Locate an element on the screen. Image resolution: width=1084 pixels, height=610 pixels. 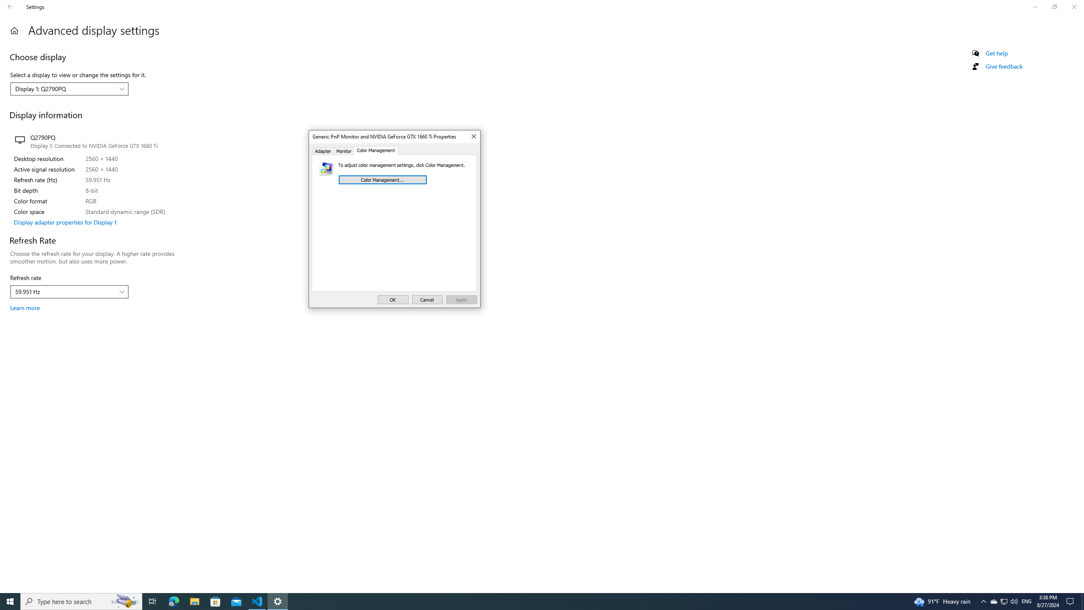
'Tray Input Indicator - English (United States)' is located at coordinates (1026, 601).